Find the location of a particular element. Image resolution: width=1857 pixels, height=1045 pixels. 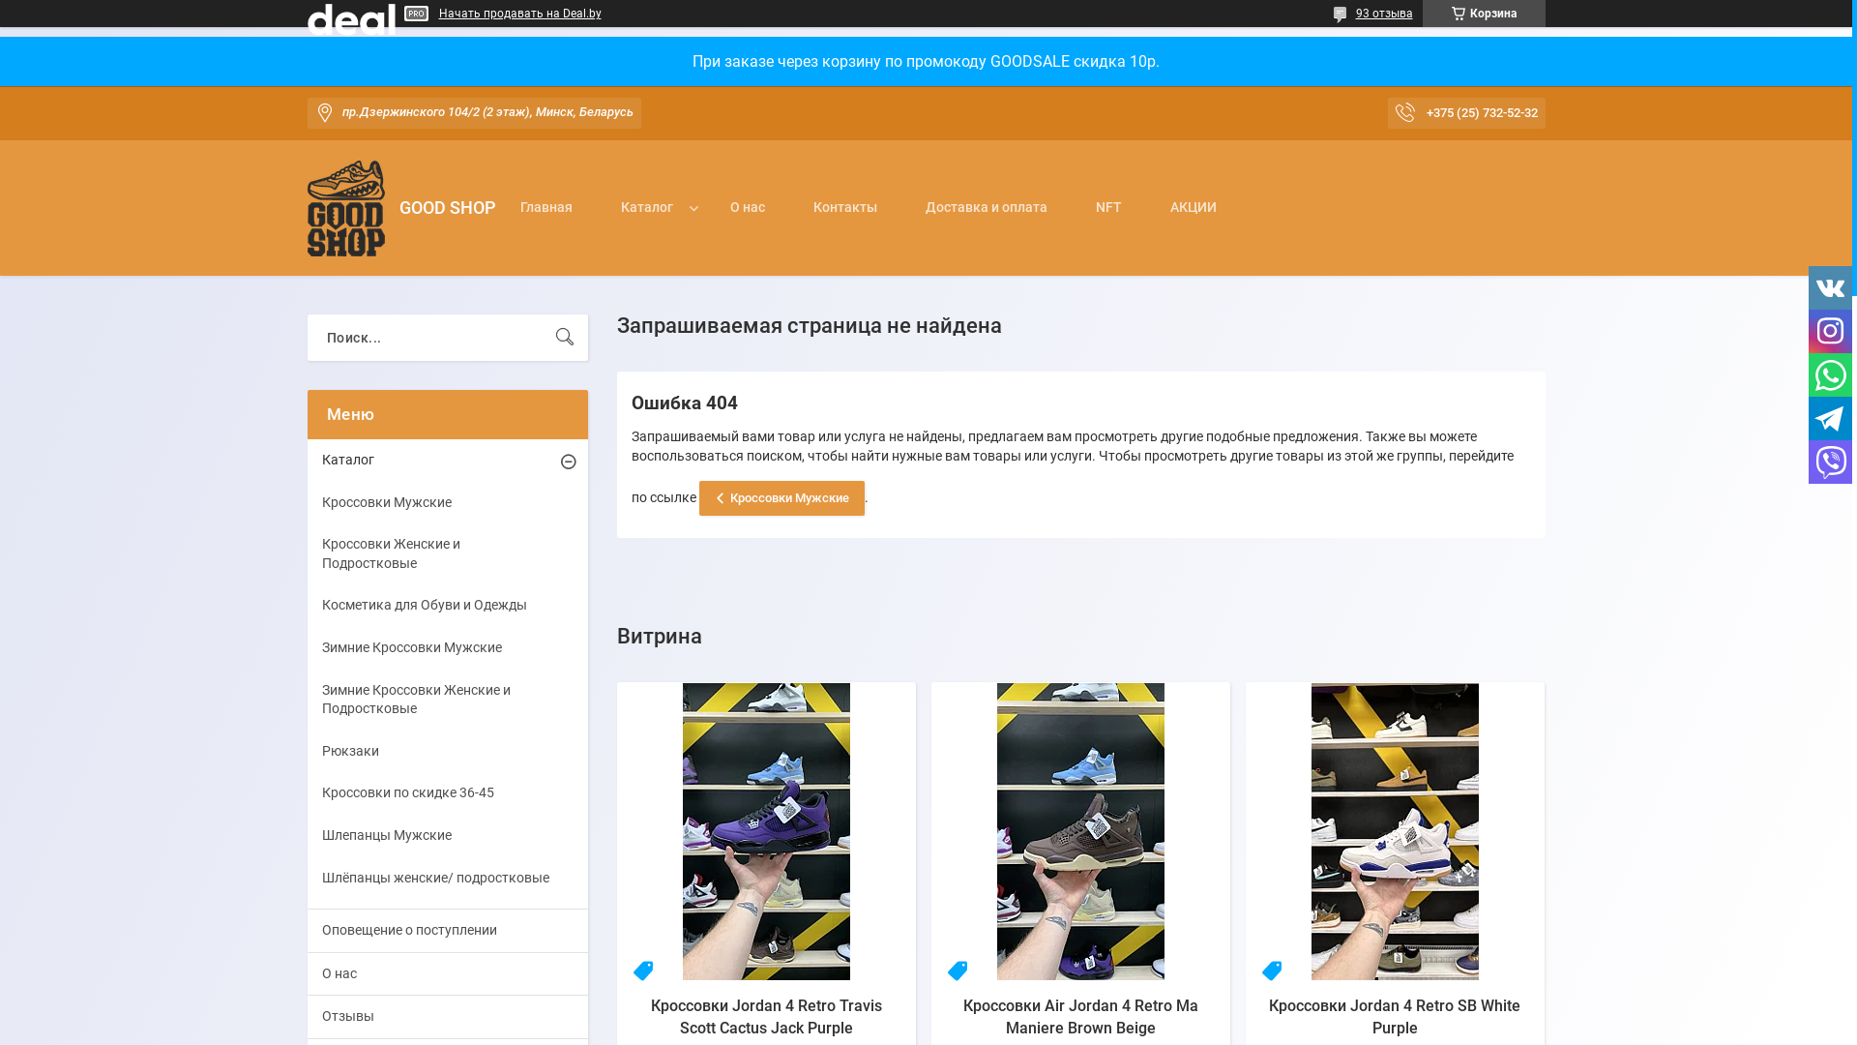

'GOOD SHOP' is located at coordinates (346, 208).